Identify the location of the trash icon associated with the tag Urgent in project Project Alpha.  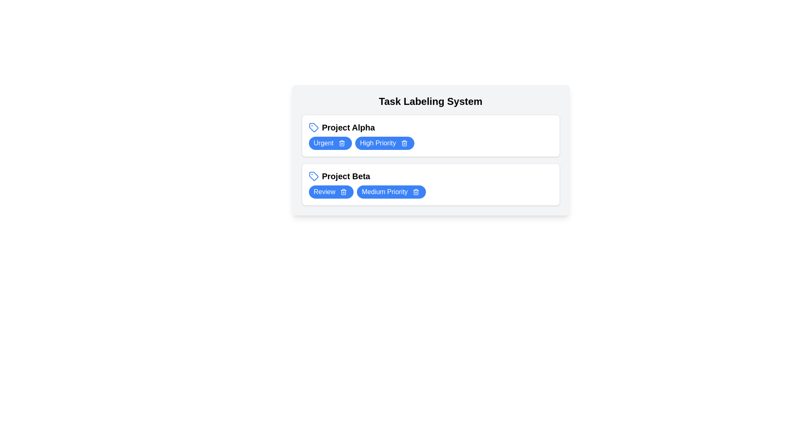
(342, 143).